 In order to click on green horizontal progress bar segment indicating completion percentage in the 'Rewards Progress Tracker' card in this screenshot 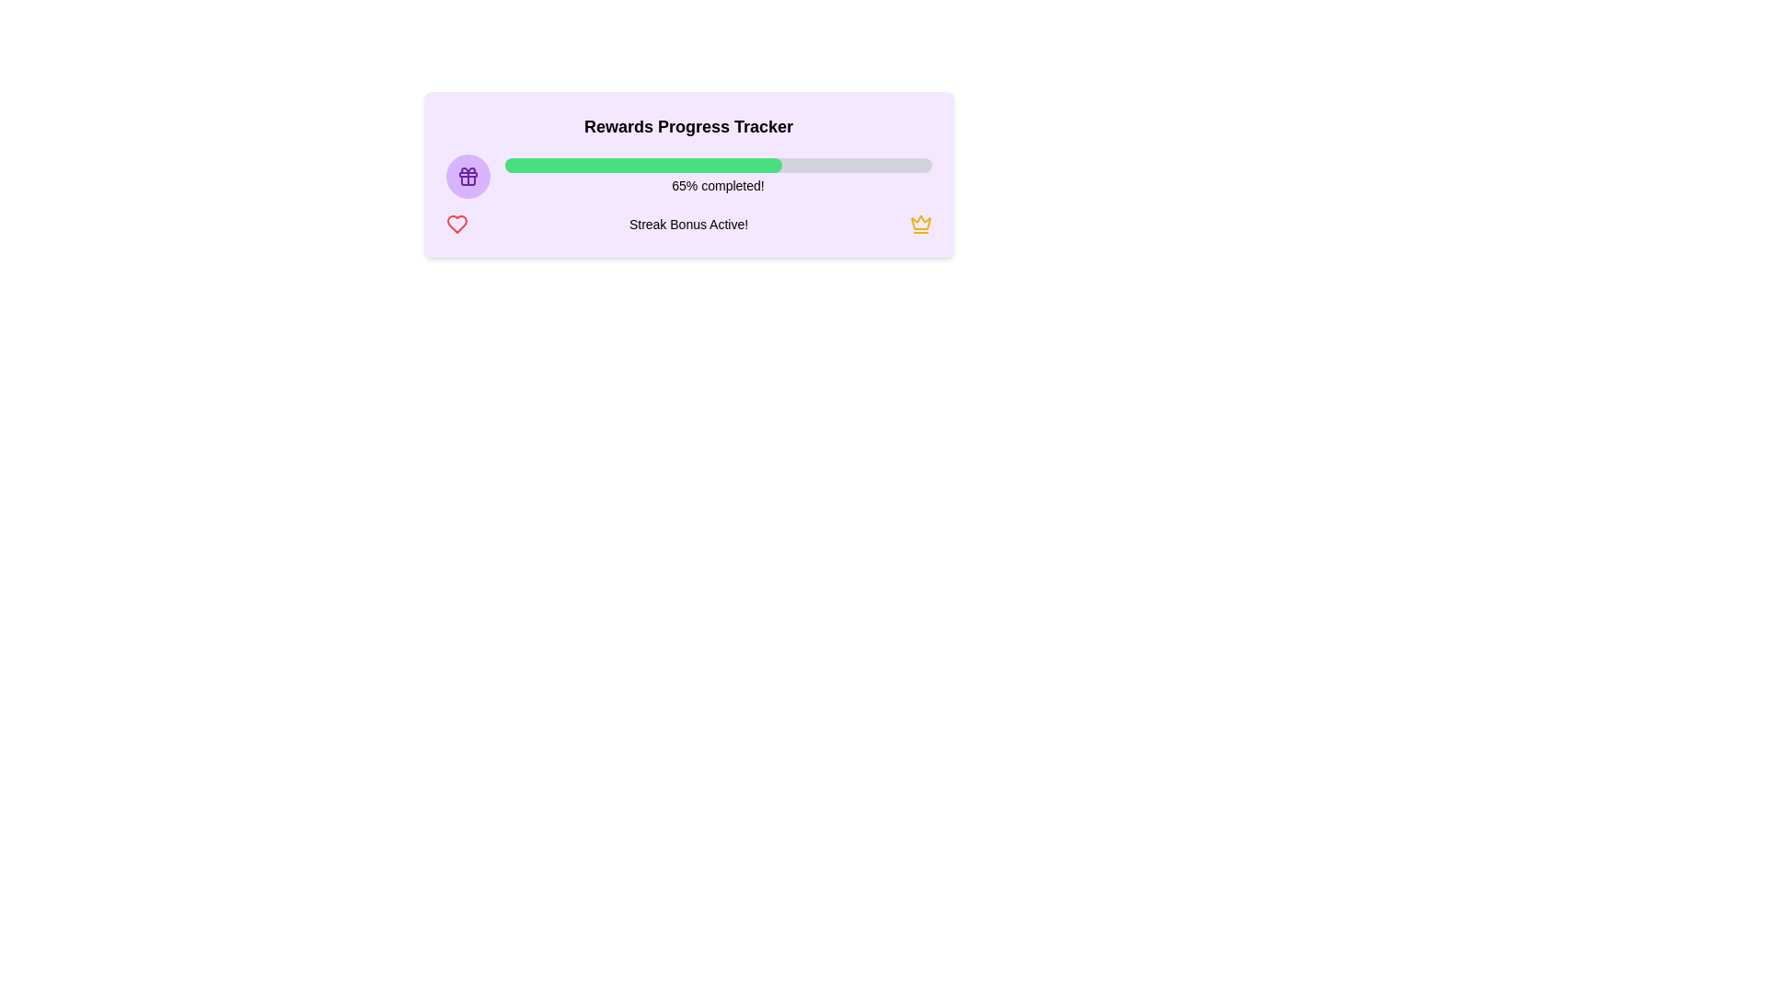, I will do `click(643, 166)`.